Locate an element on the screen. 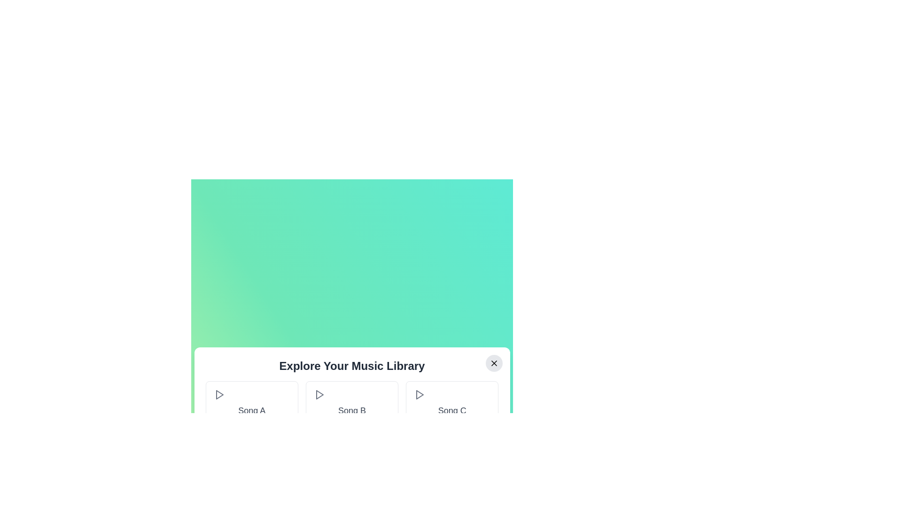  the song title Song A for inspection is located at coordinates (252, 410).